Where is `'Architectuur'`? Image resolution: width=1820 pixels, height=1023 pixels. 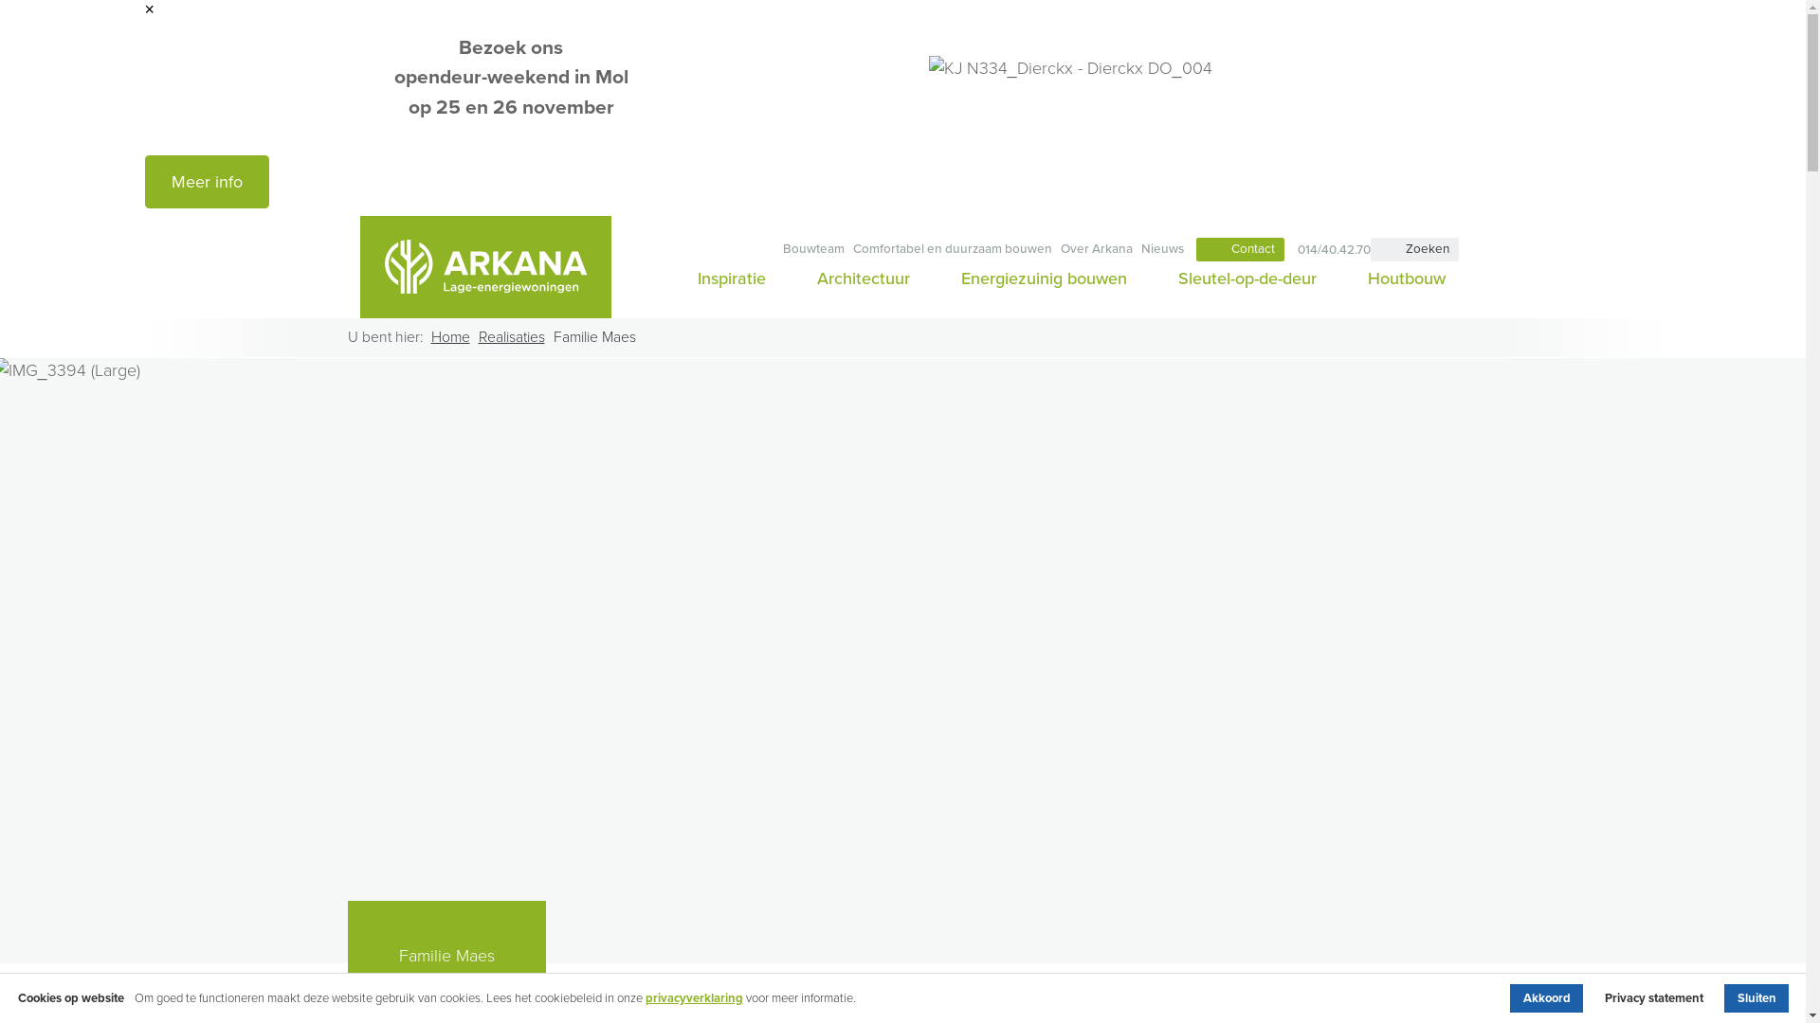
'Architectuur' is located at coordinates (804, 278).